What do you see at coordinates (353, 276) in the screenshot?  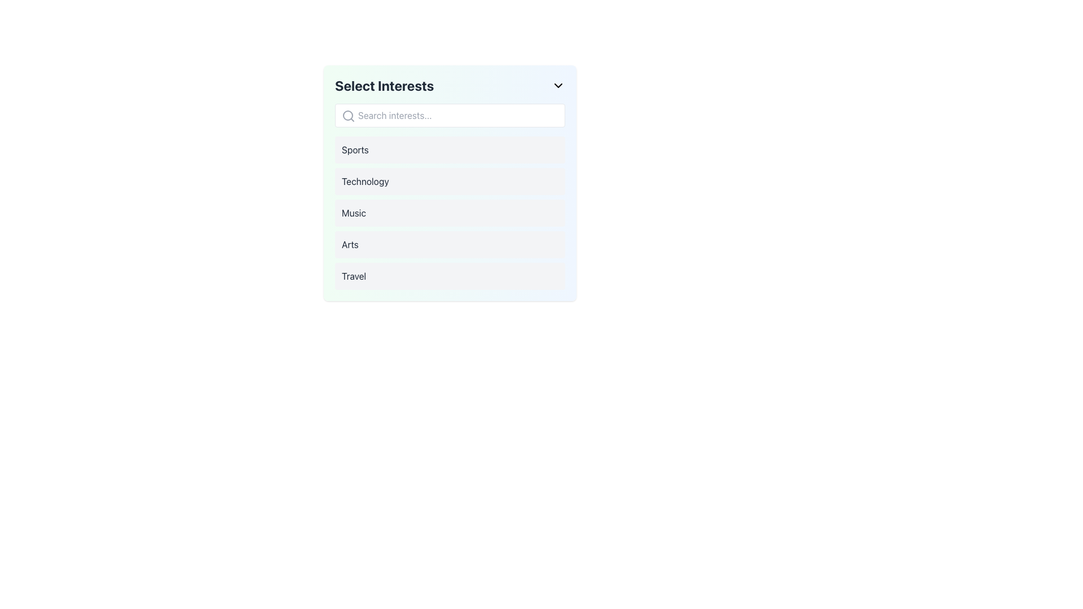 I see `the 'Travel' text label under the 'Select Interests' category` at bounding box center [353, 276].